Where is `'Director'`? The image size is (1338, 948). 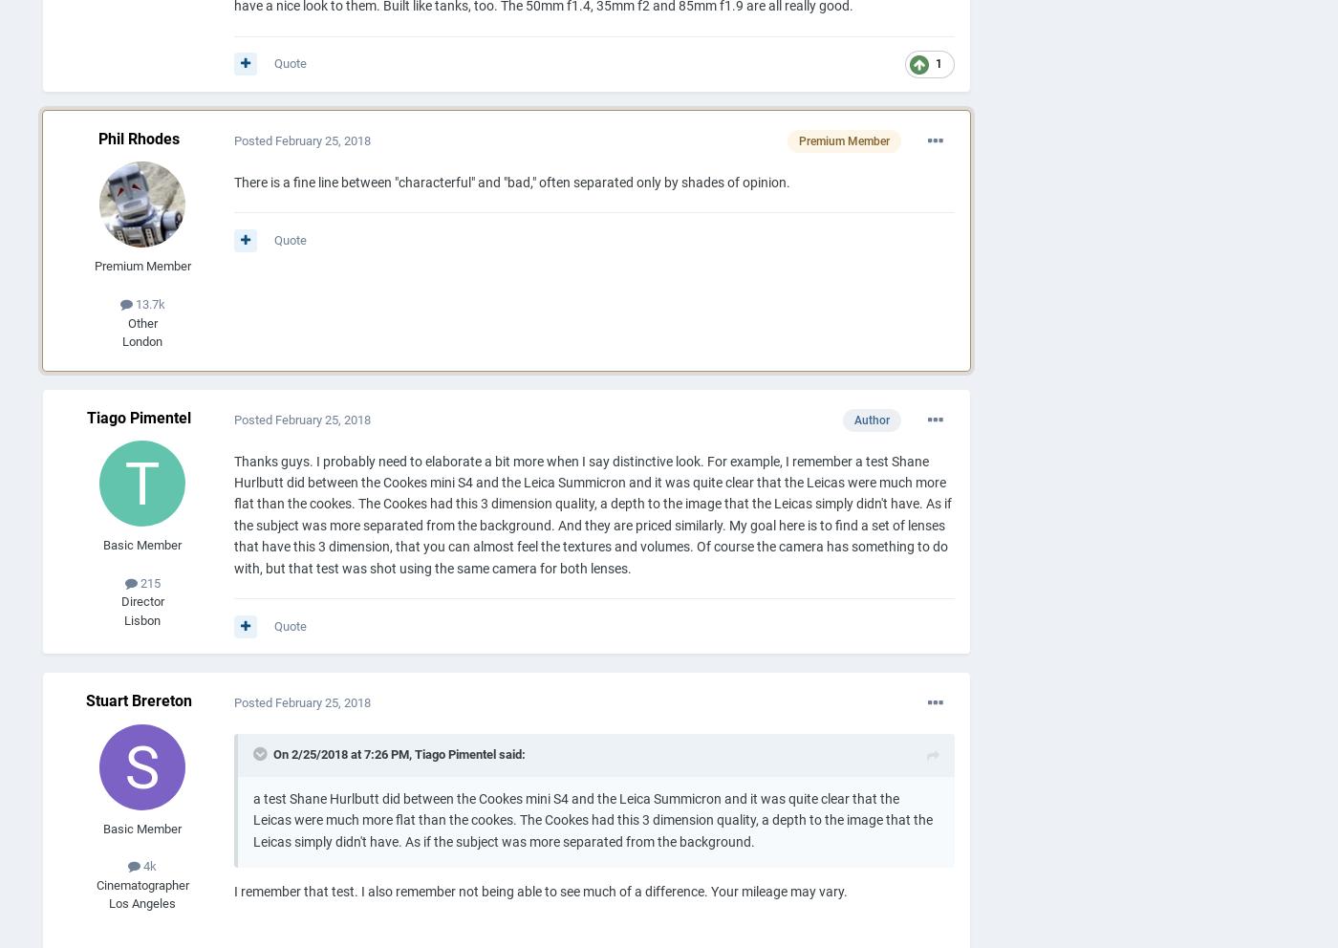
'Director' is located at coordinates (141, 601).